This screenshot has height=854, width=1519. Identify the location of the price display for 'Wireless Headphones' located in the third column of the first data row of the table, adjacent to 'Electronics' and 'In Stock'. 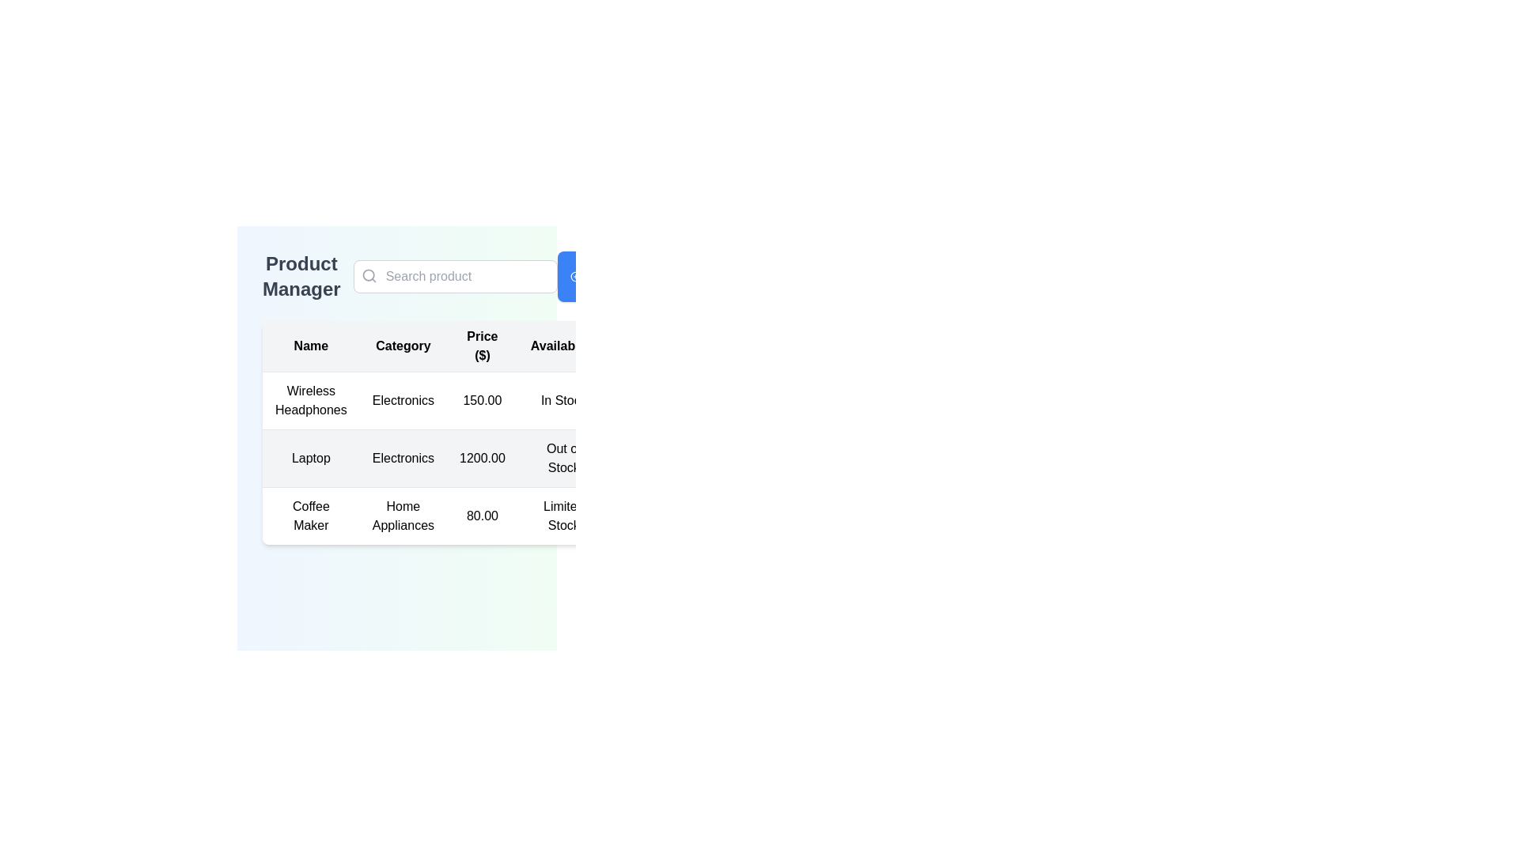
(481, 399).